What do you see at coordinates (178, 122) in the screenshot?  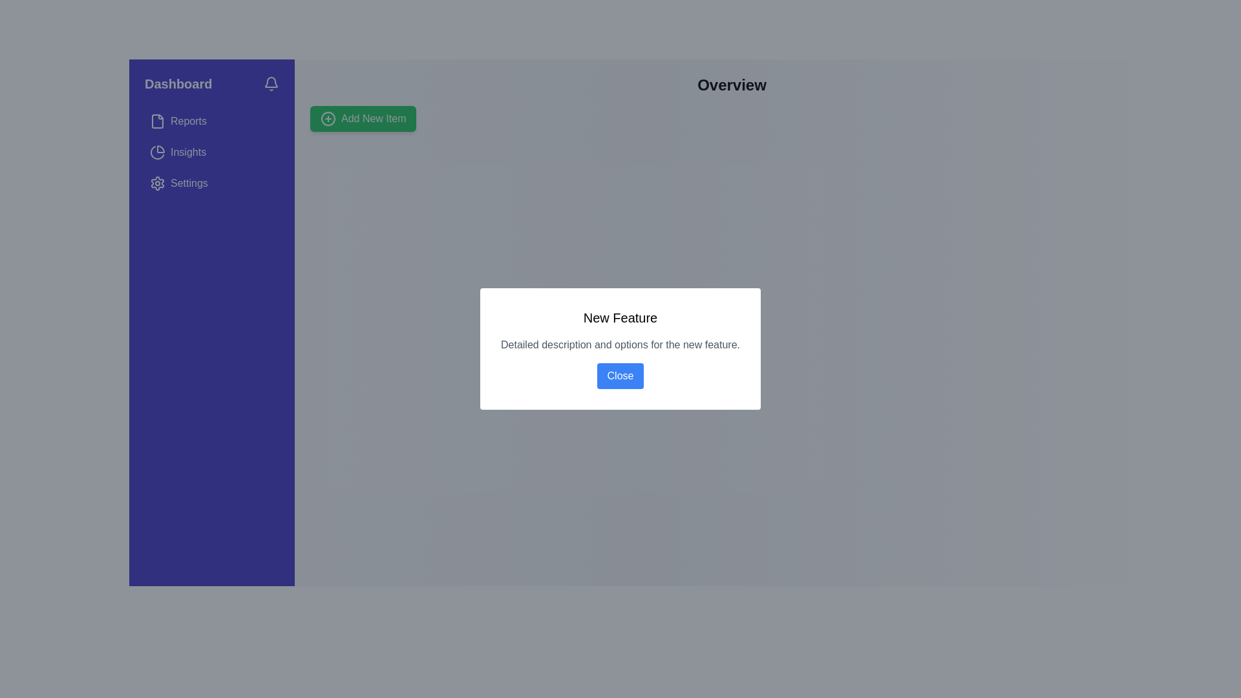 I see `the 'Reports' menu item in the navigation menu` at bounding box center [178, 122].